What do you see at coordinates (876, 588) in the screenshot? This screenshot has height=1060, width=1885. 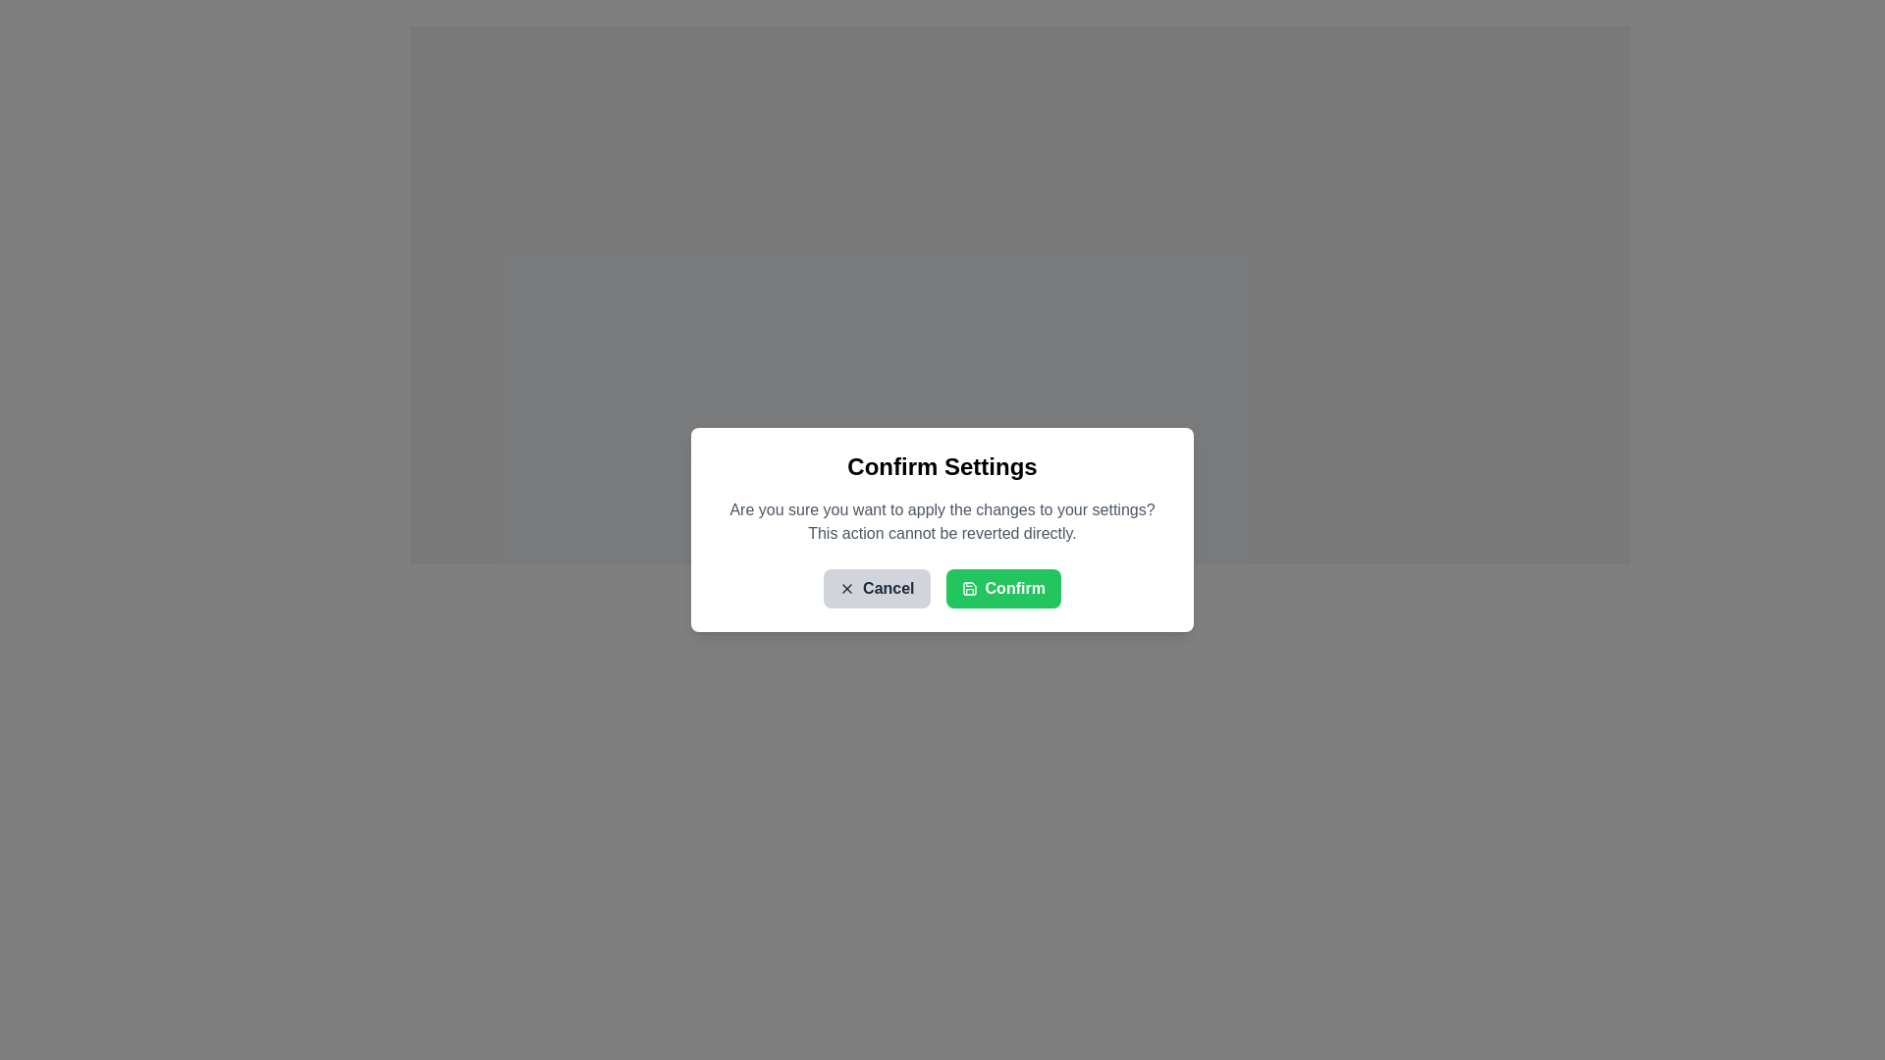 I see `the cancellation button in the dialog that aborts the current operation and closes the dialog without applying changes` at bounding box center [876, 588].